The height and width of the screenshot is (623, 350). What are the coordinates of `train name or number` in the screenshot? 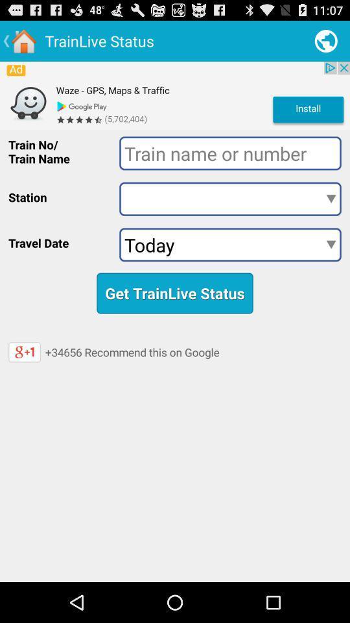 It's located at (229, 153).